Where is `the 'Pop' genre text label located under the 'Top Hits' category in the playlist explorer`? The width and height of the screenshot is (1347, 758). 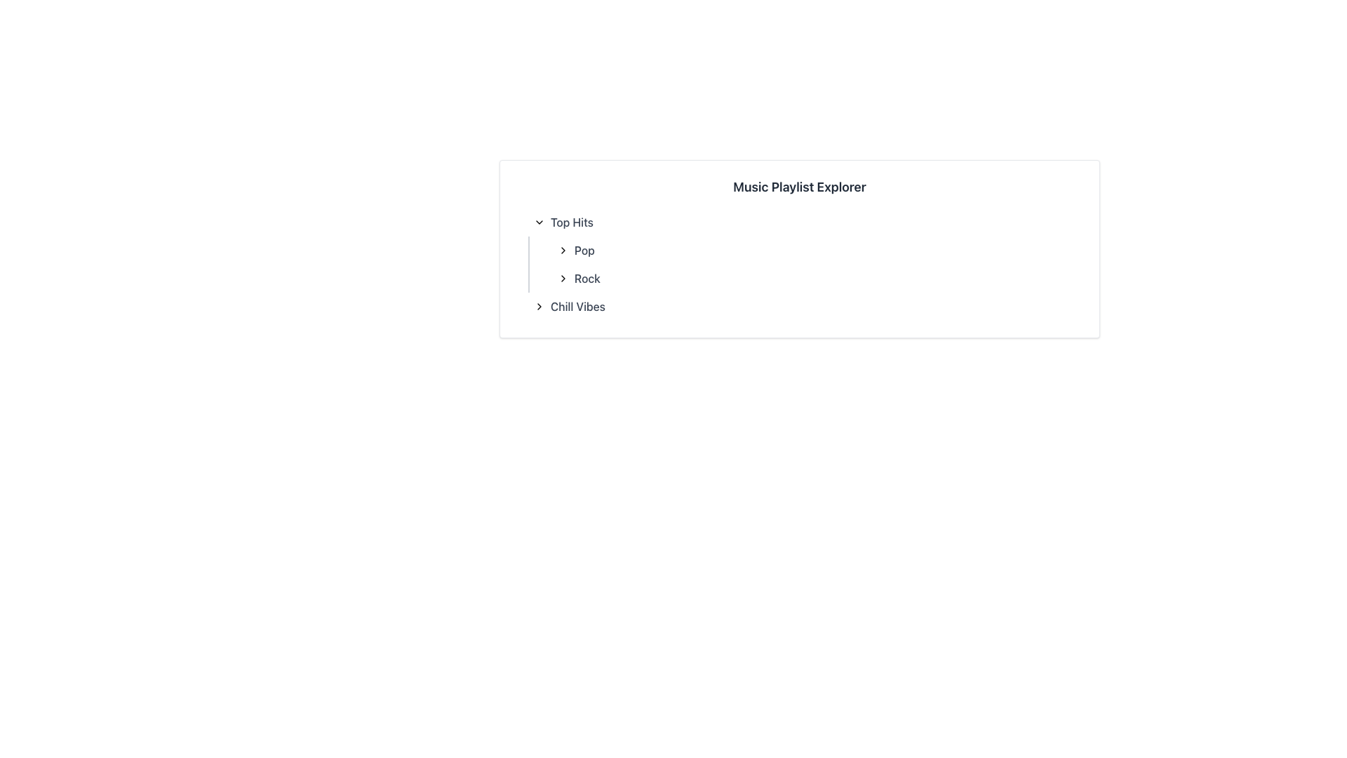 the 'Pop' genre text label located under the 'Top Hits' category in the playlist explorer is located at coordinates (584, 250).